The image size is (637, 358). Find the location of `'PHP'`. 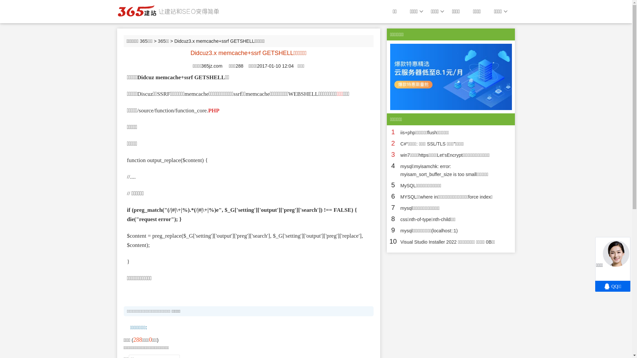

'PHP' is located at coordinates (208, 110).